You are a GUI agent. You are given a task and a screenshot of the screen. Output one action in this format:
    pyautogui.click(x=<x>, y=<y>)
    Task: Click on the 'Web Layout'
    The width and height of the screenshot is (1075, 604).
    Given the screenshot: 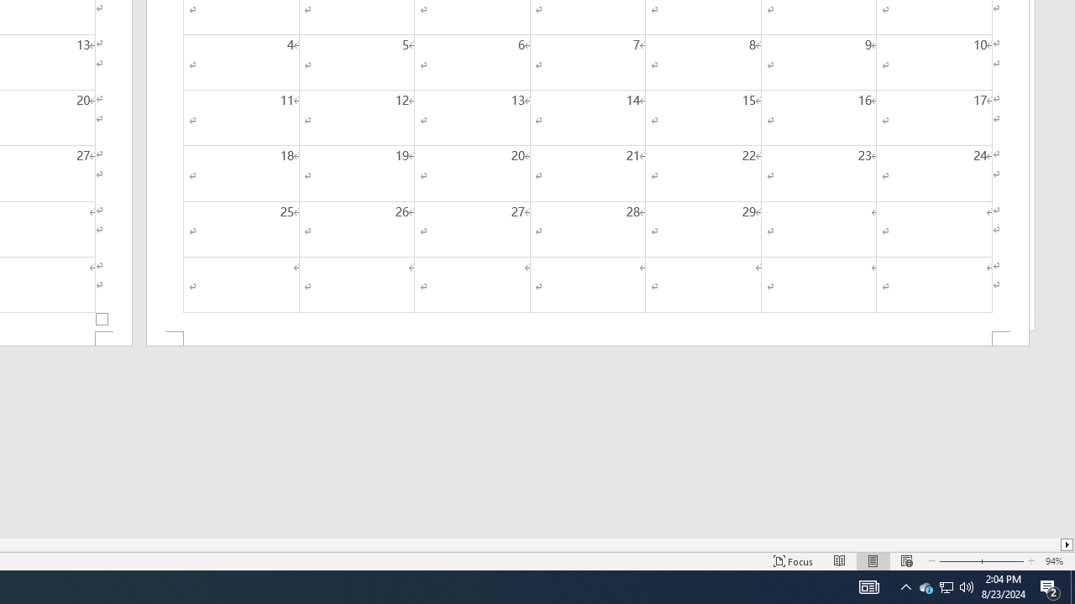 What is the action you would take?
    pyautogui.click(x=905, y=561)
    